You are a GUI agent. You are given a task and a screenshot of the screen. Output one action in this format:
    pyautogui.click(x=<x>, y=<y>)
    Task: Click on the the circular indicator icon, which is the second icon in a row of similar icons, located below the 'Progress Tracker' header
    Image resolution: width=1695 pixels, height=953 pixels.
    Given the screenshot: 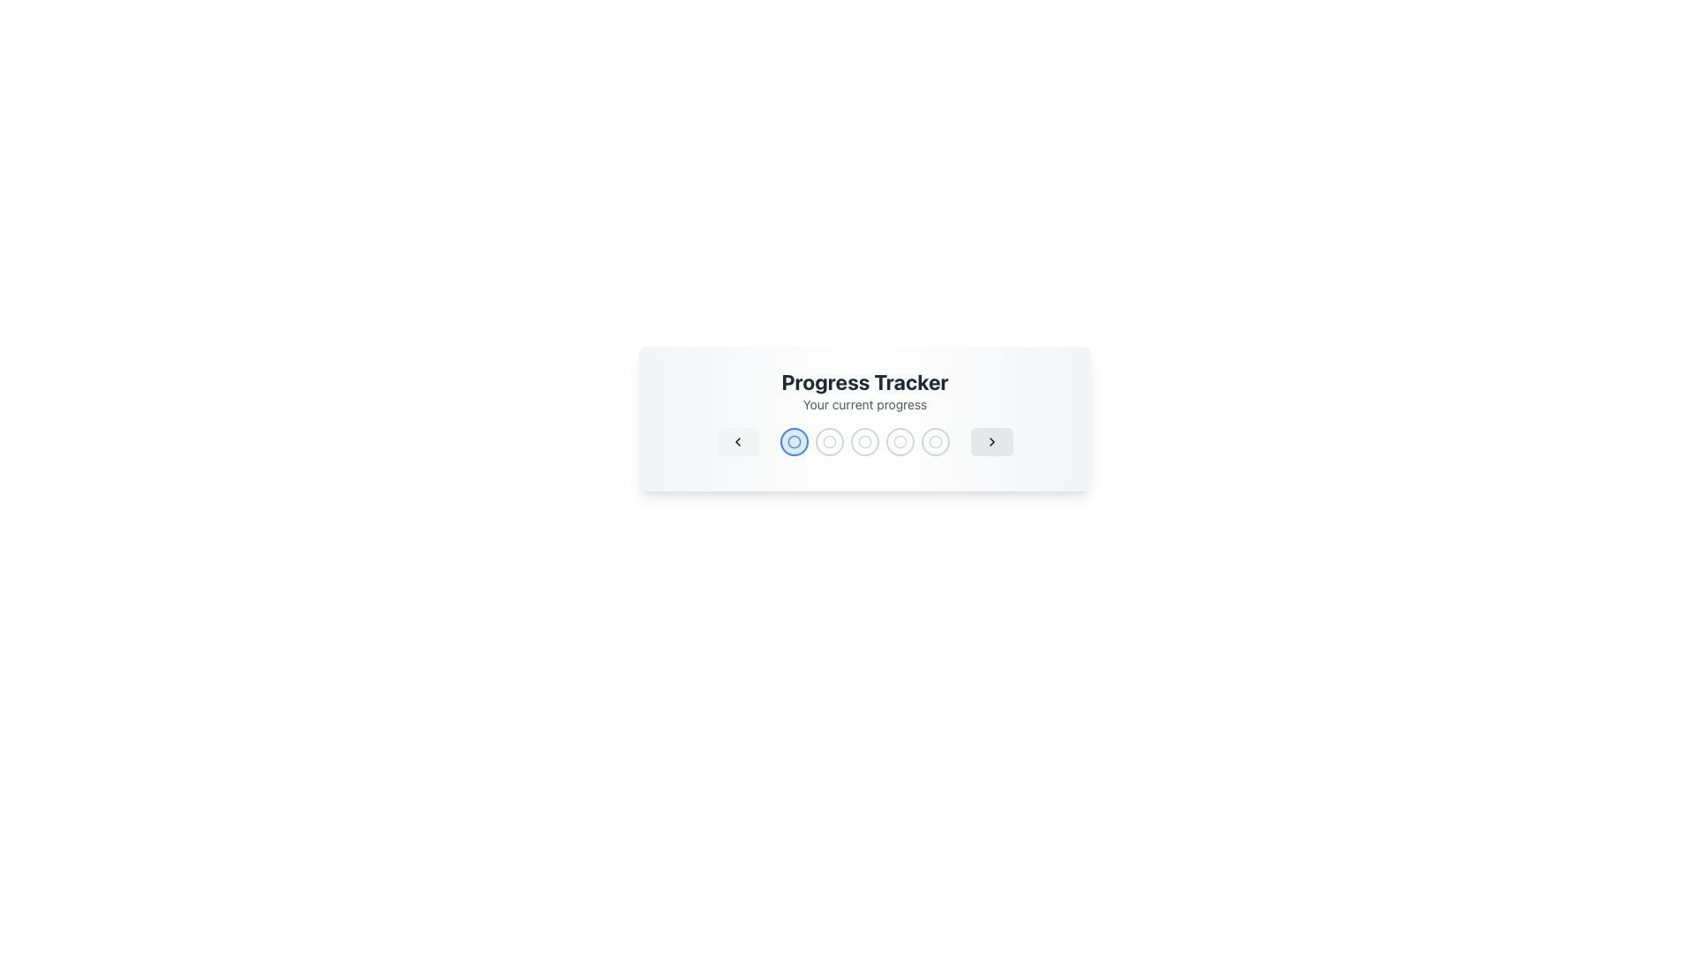 What is the action you would take?
    pyautogui.click(x=829, y=441)
    